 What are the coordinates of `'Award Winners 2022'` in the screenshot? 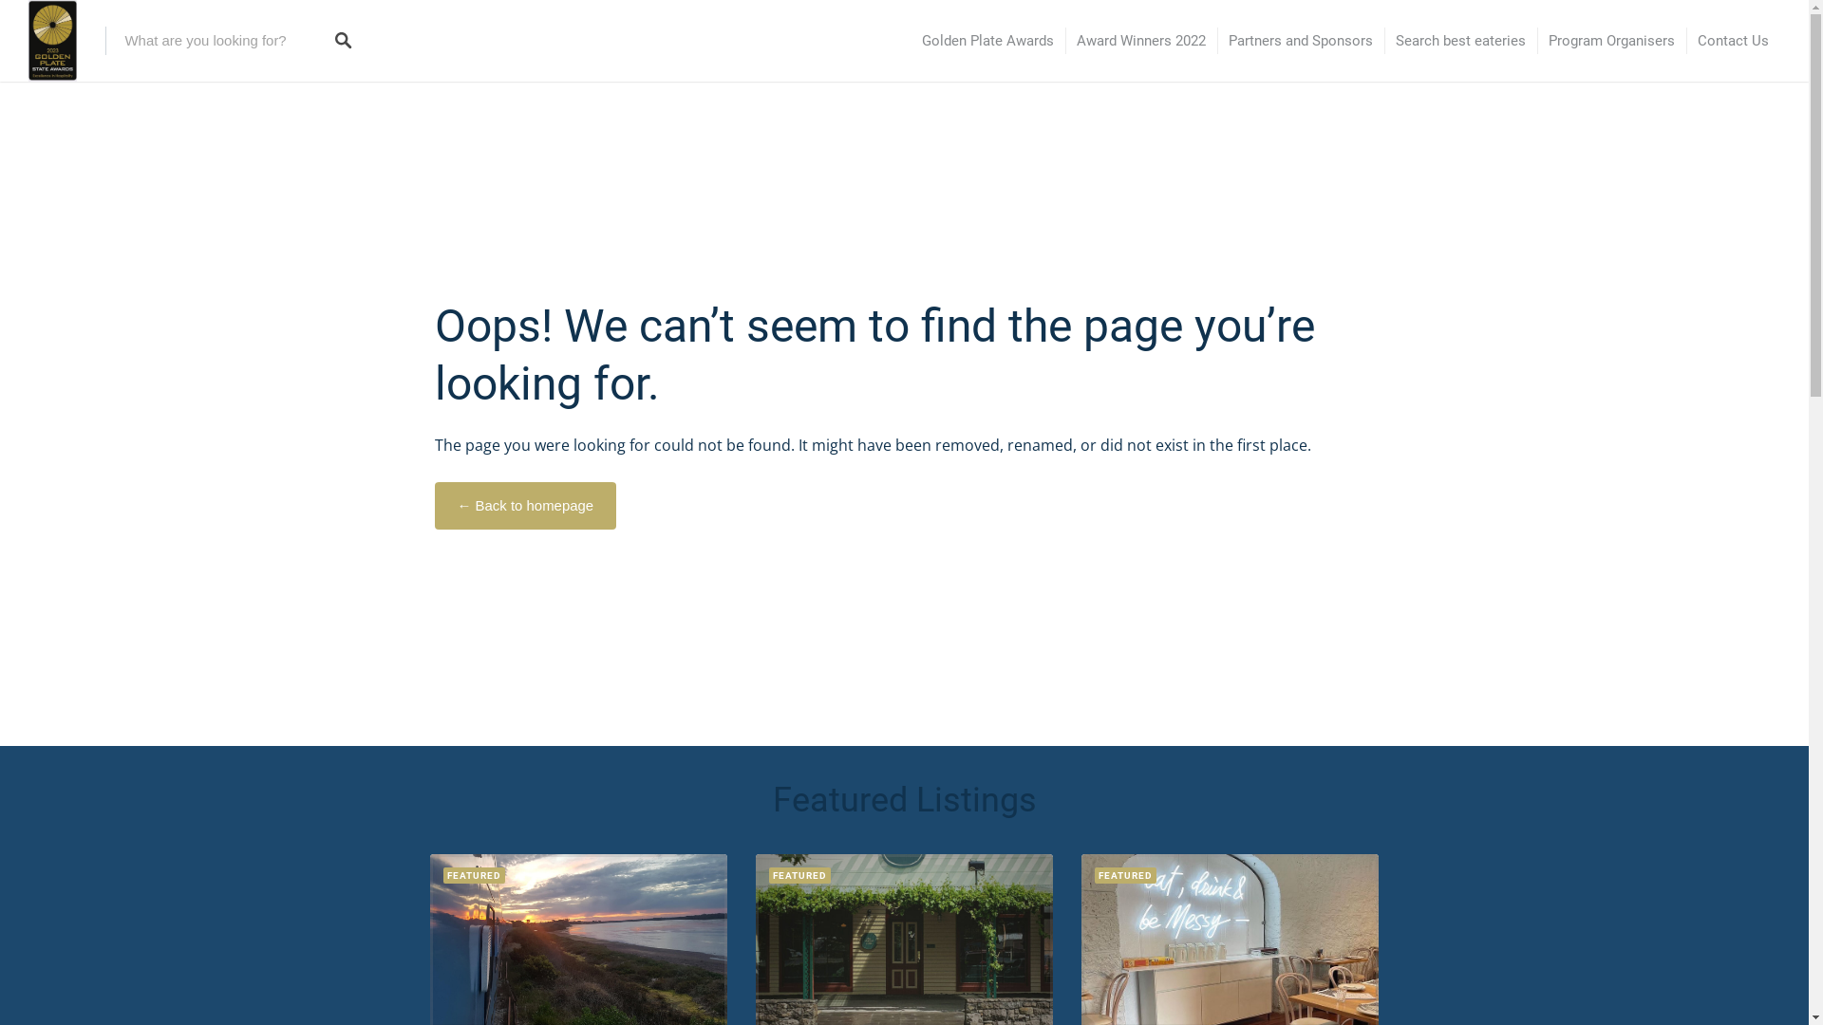 It's located at (1065, 41).